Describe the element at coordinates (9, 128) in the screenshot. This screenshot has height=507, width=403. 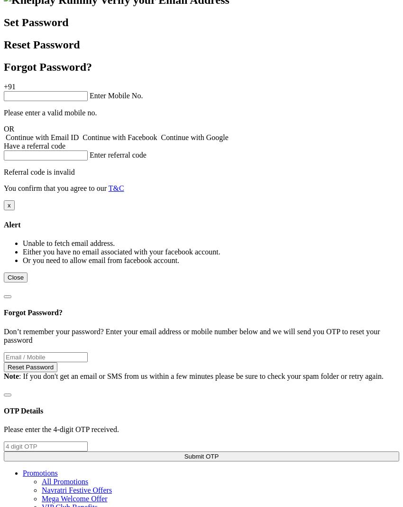
I see `'OR'` at that location.